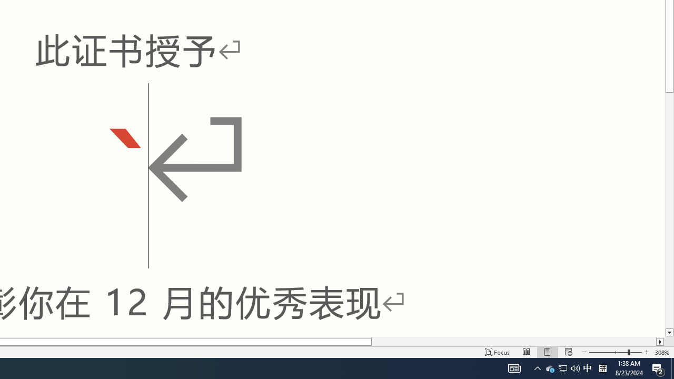 The width and height of the screenshot is (674, 379). Describe the element at coordinates (615, 352) in the screenshot. I see `'Zoom'` at that location.